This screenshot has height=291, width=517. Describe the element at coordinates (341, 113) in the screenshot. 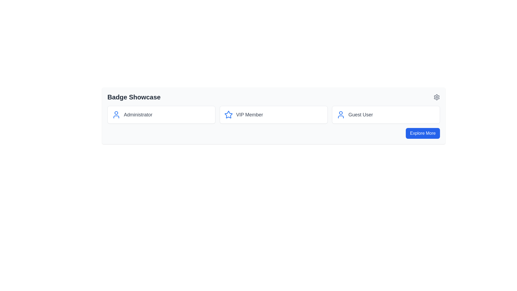

I see `the circular graphical representation of the 'Guest User' profile icon, which is the third user type card in a horizontal arrangement` at that location.